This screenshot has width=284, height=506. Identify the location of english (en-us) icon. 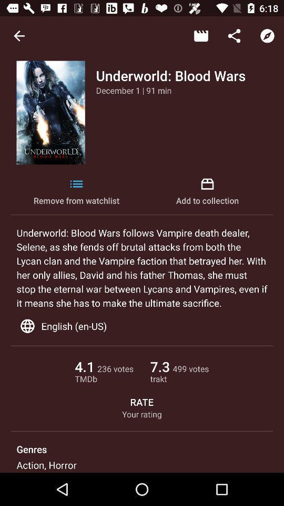
(142, 325).